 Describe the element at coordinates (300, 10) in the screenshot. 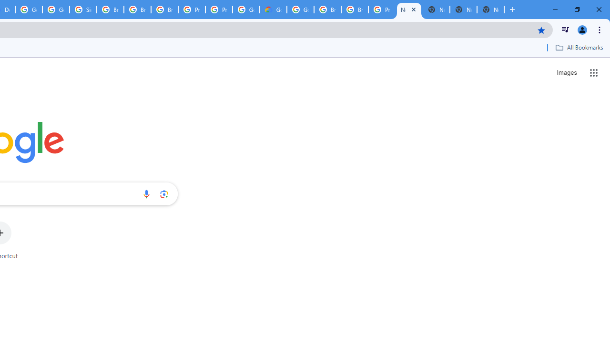

I see `'Google Cloud Platform'` at that location.